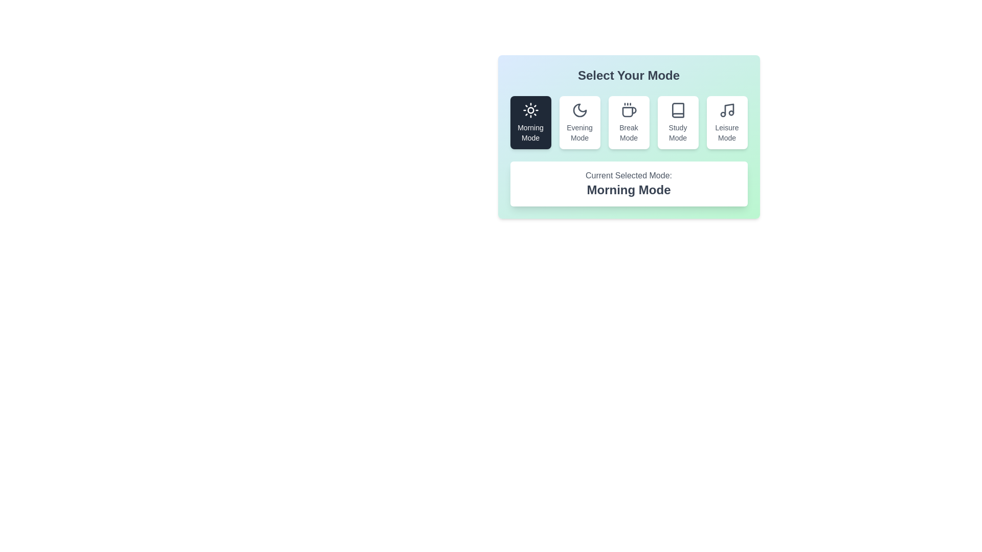  I want to click on the button corresponding to the mode Morning Mode, so click(530, 122).